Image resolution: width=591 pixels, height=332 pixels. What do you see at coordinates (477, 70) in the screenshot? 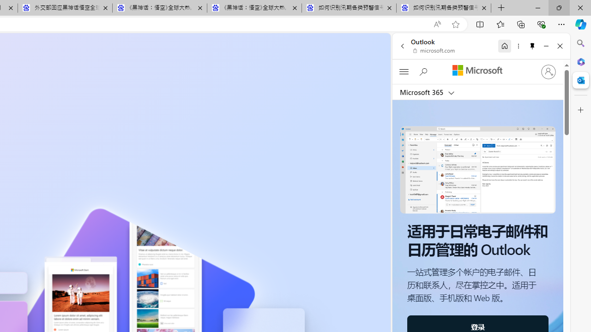
I see `'Microsoft'` at bounding box center [477, 70].